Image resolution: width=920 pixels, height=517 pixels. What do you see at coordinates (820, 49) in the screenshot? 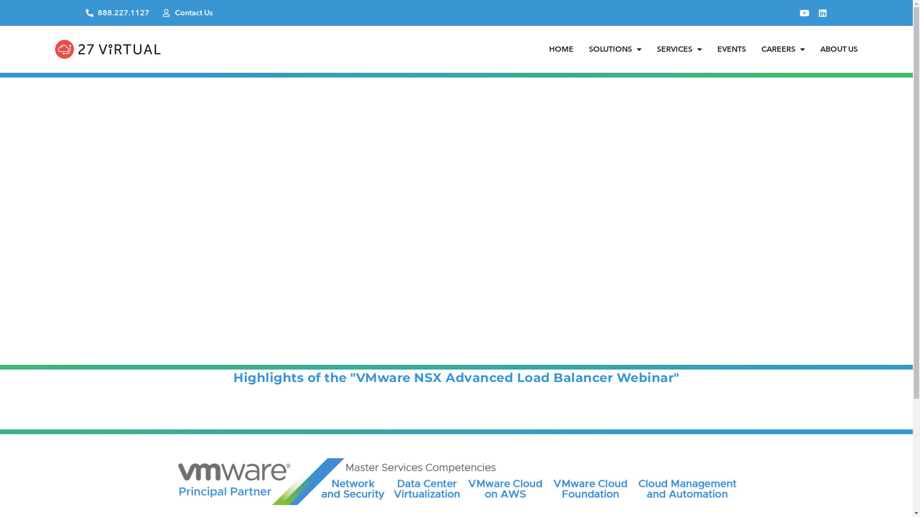
I see `'ABOUT US'` at bounding box center [820, 49].